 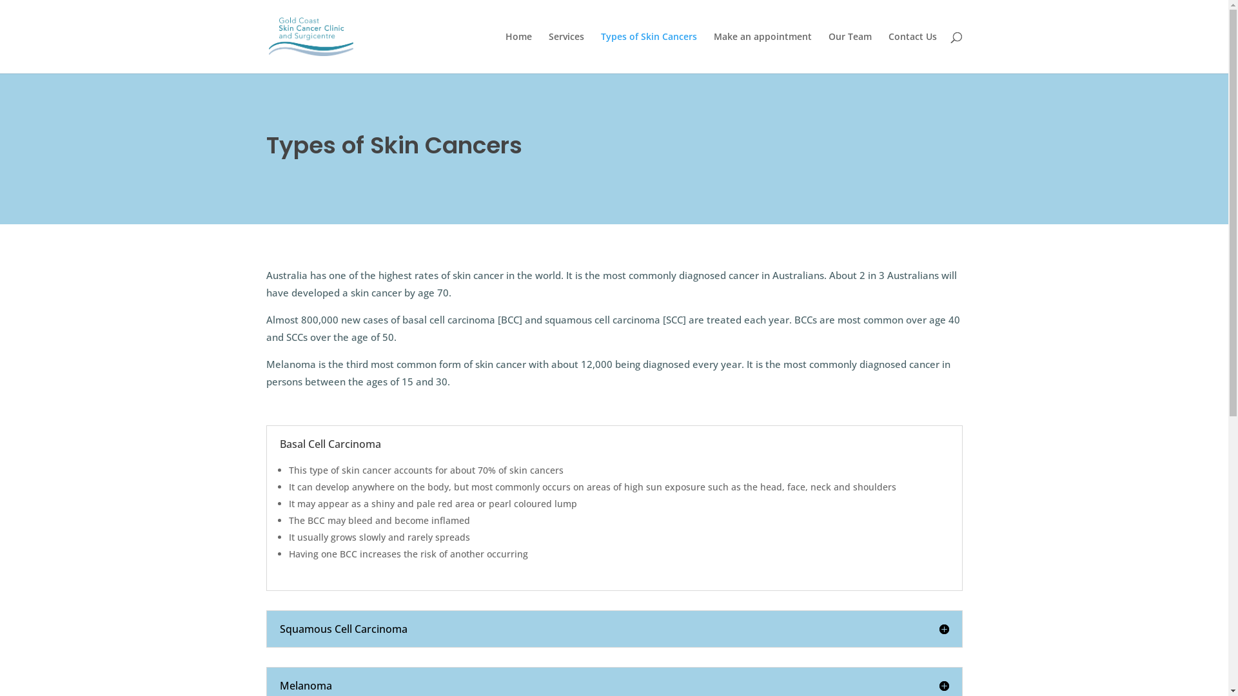 What do you see at coordinates (761, 52) in the screenshot?
I see `'Make an appointment'` at bounding box center [761, 52].